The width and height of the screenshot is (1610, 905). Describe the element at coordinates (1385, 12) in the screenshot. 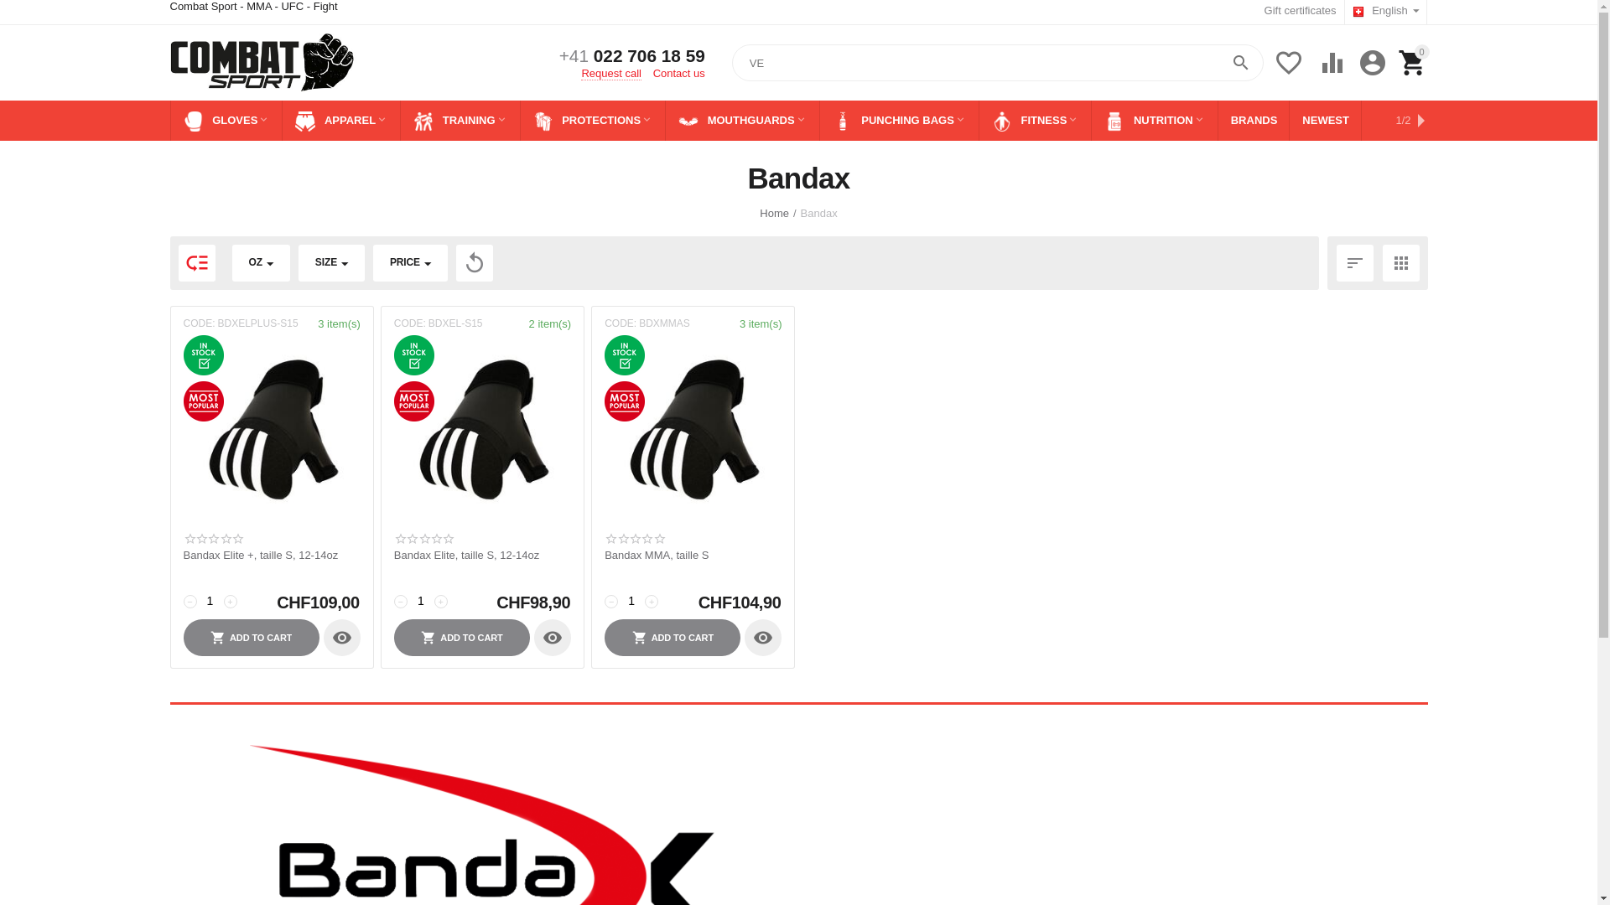

I see `'English'` at that location.